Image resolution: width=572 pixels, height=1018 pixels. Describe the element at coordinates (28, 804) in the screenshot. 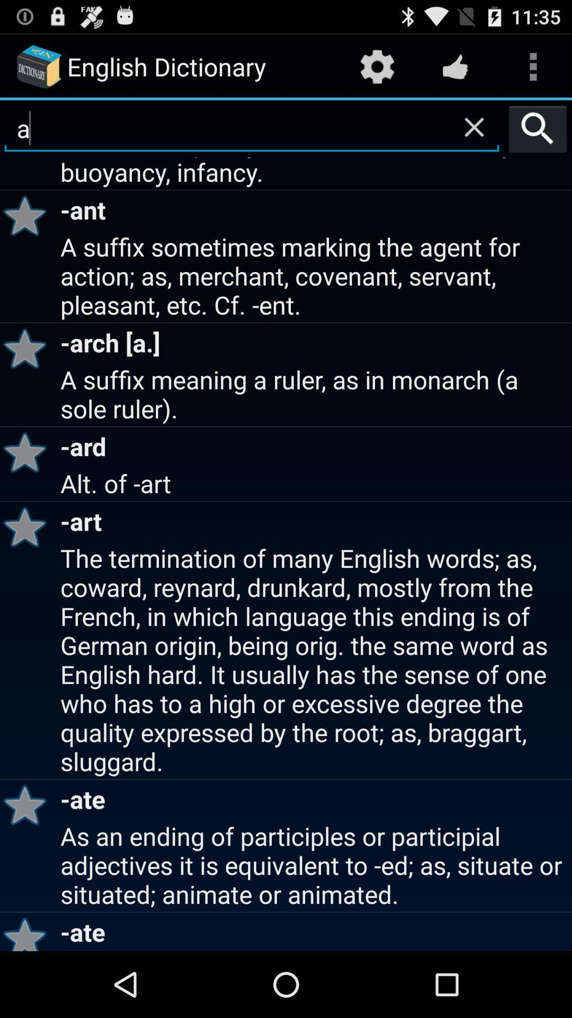

I see `icon next to the the termination of app` at that location.